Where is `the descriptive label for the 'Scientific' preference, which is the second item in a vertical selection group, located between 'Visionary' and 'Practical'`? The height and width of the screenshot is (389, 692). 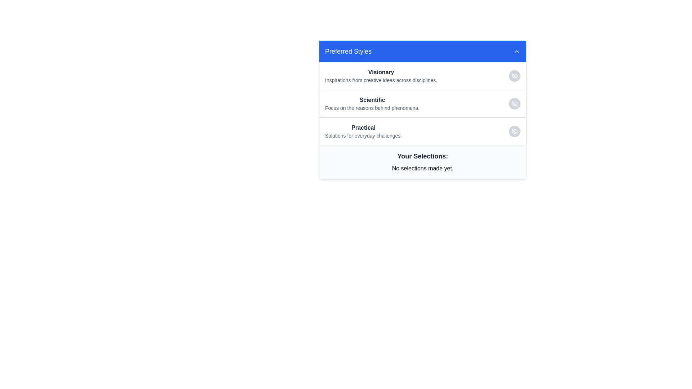 the descriptive label for the 'Scientific' preference, which is the second item in a vertical selection group, located between 'Visionary' and 'Practical' is located at coordinates (372, 104).